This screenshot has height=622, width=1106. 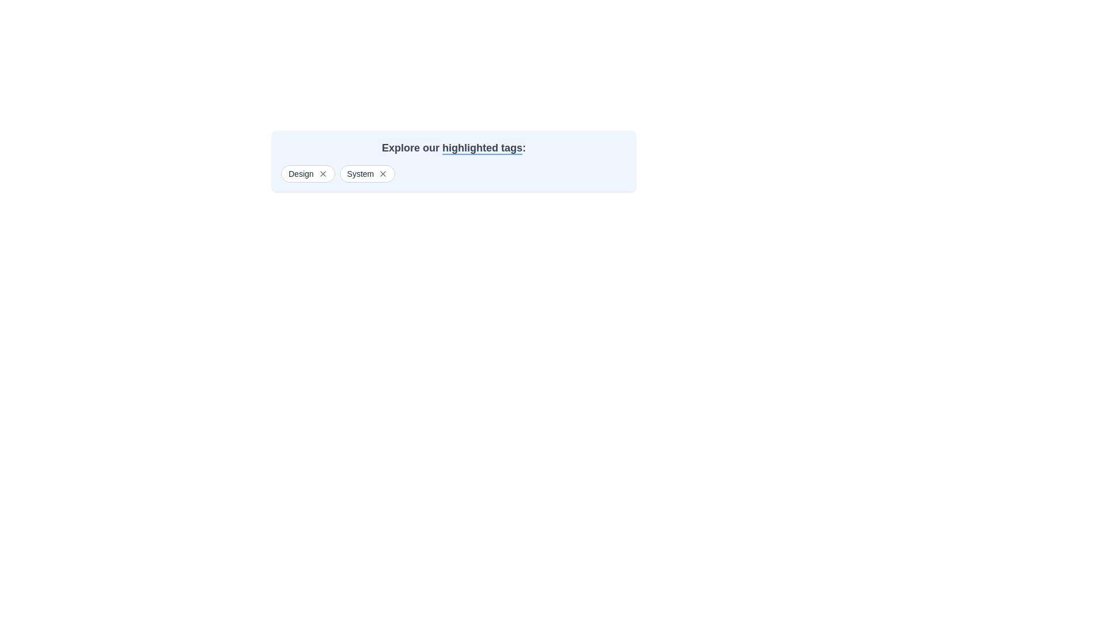 What do you see at coordinates (383, 173) in the screenshot?
I see `the closure button located on the right side of the 'System' pill-shaped button` at bounding box center [383, 173].